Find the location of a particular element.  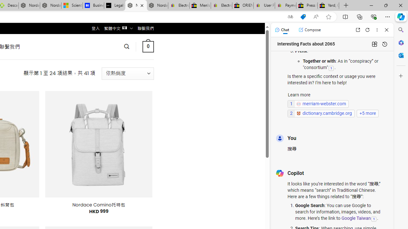

'Show translate options' is located at coordinates (290, 17).